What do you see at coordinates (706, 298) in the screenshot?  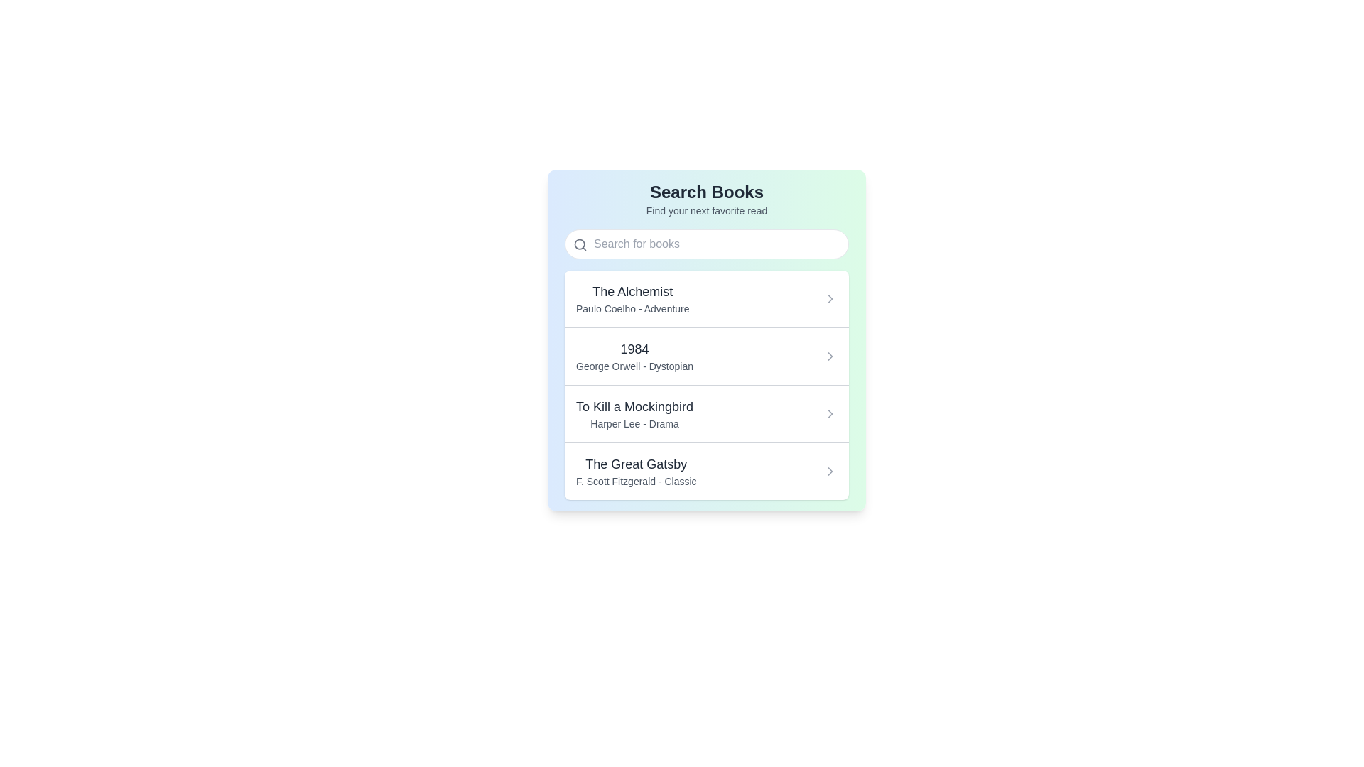 I see `the first list item about 'The Alchemist'` at bounding box center [706, 298].